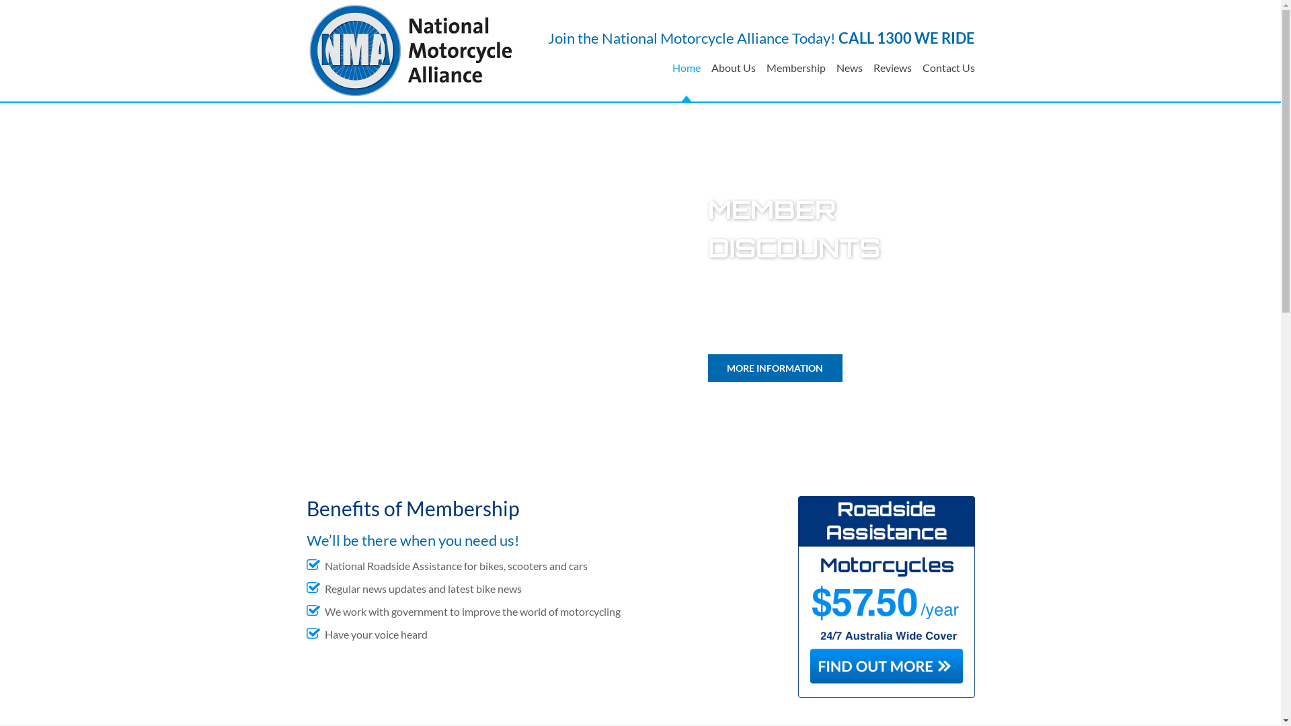 This screenshot has height=726, width=1291. I want to click on 'National Motorcycle Alliance', so click(410, 50).